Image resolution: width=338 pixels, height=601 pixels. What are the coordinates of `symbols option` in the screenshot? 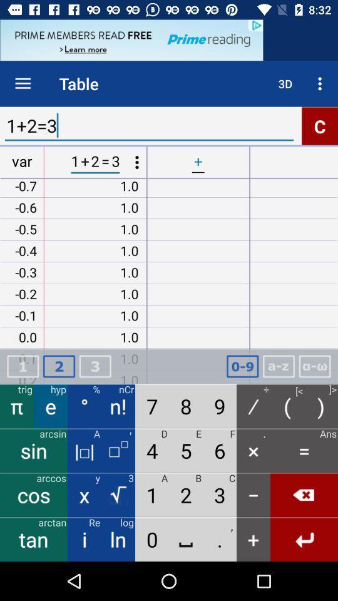 It's located at (314, 366).